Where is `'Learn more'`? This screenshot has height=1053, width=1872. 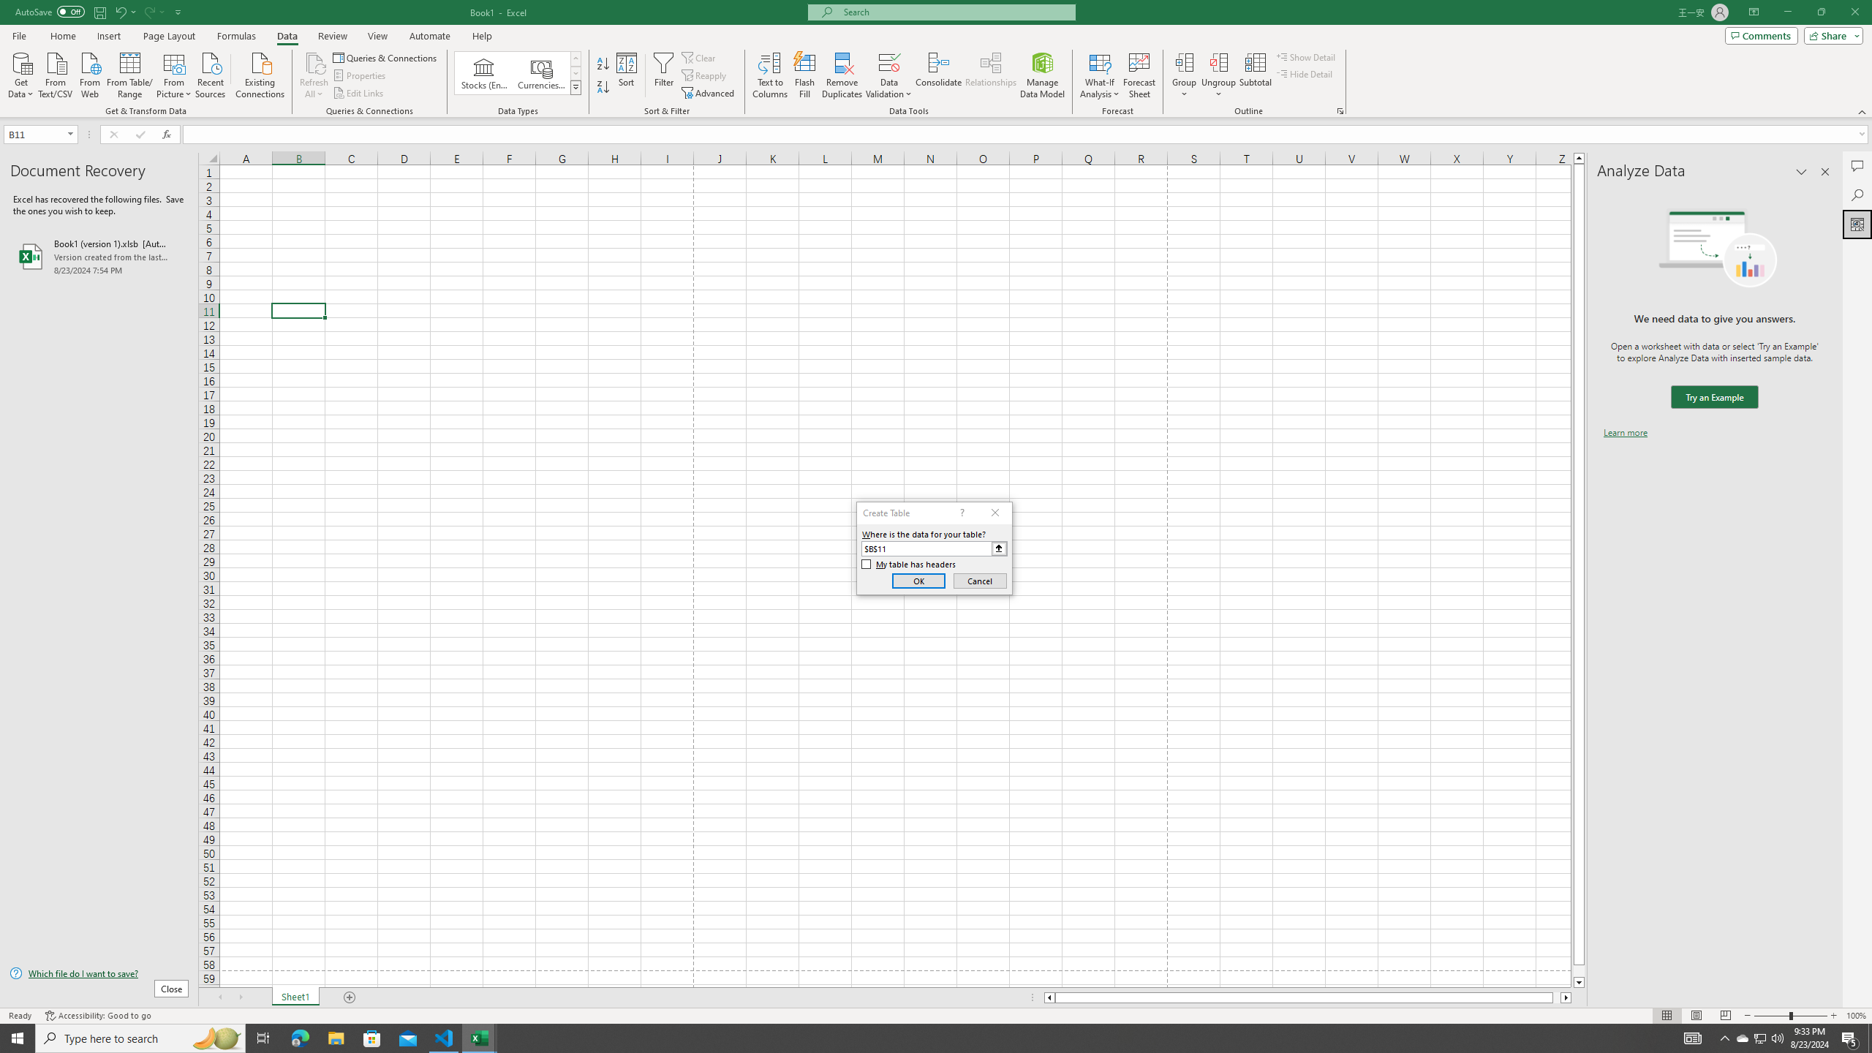 'Learn more' is located at coordinates (1625, 431).